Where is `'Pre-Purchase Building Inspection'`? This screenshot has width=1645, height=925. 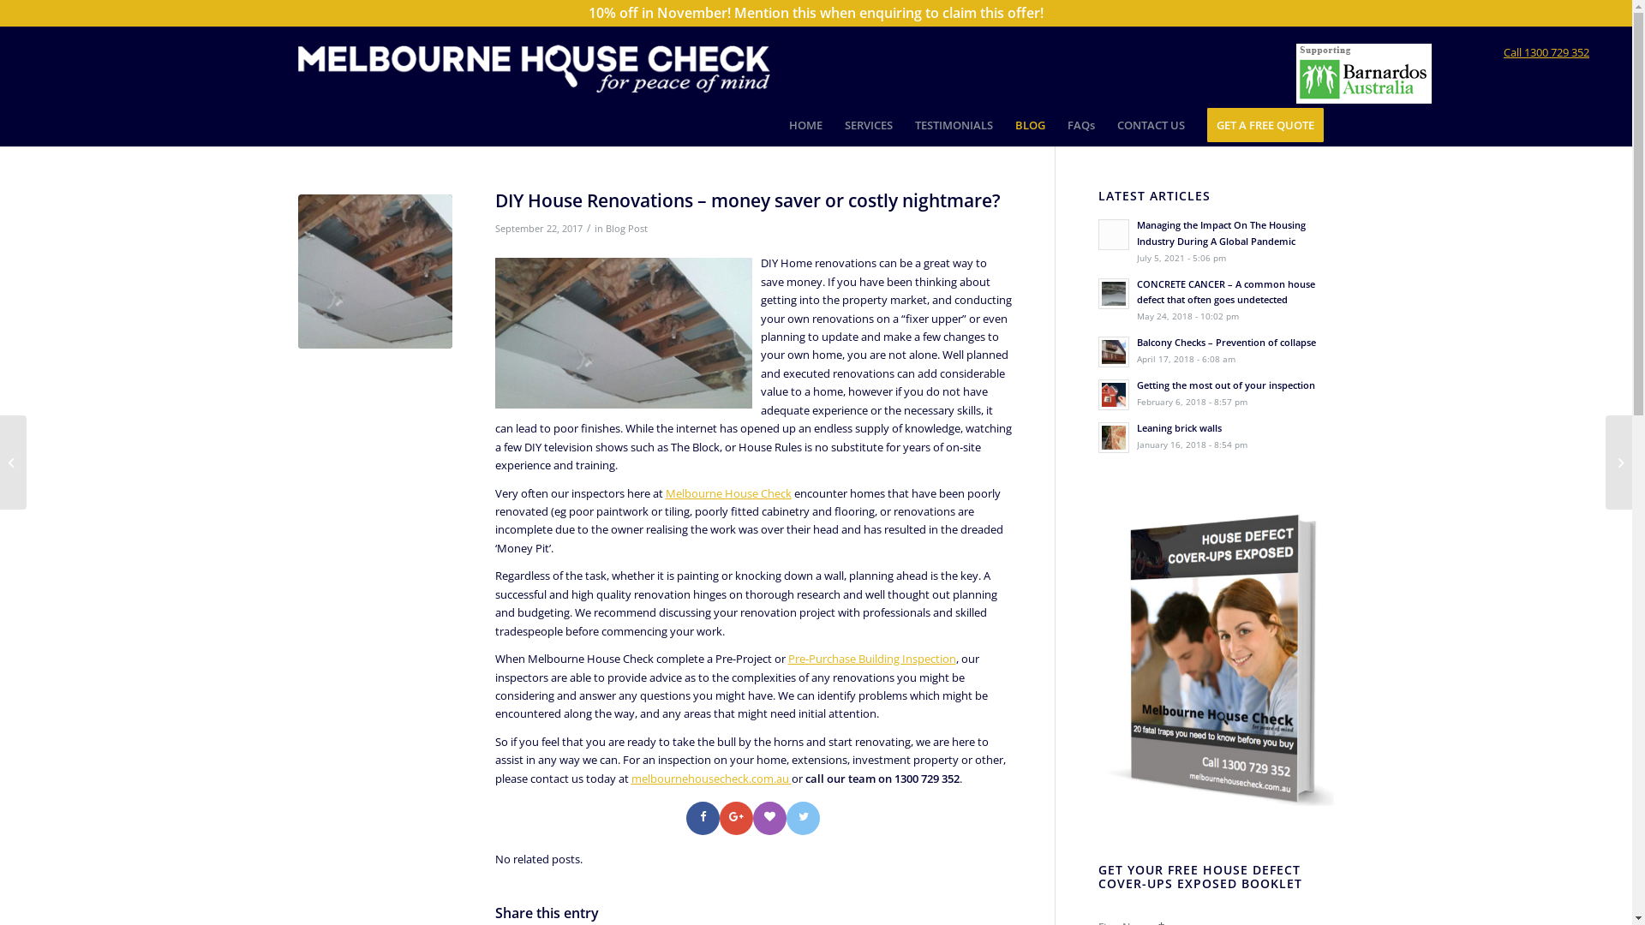 'Pre-Purchase Building Inspection' is located at coordinates (871, 657).